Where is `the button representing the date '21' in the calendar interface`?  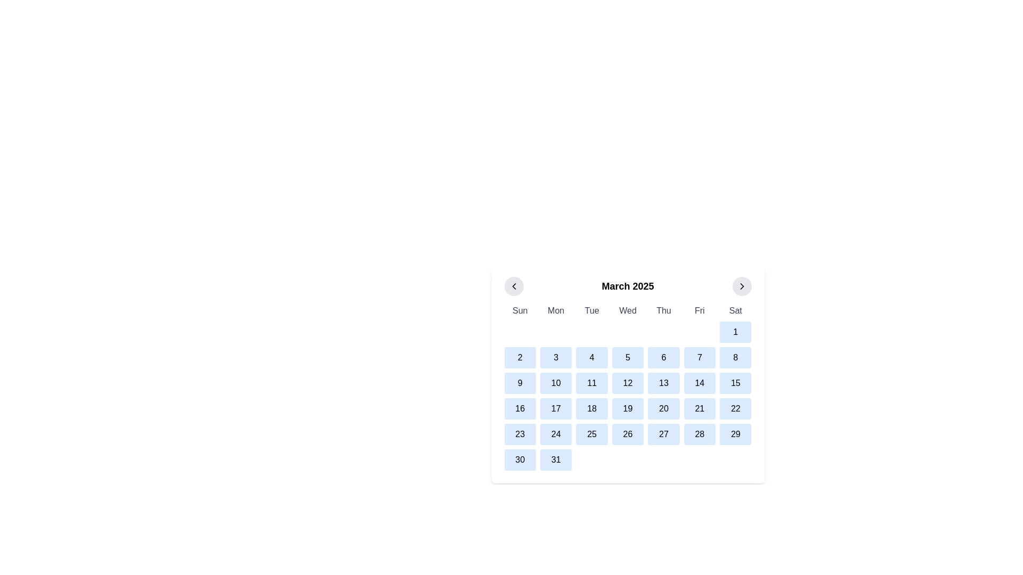 the button representing the date '21' in the calendar interface is located at coordinates (700, 408).